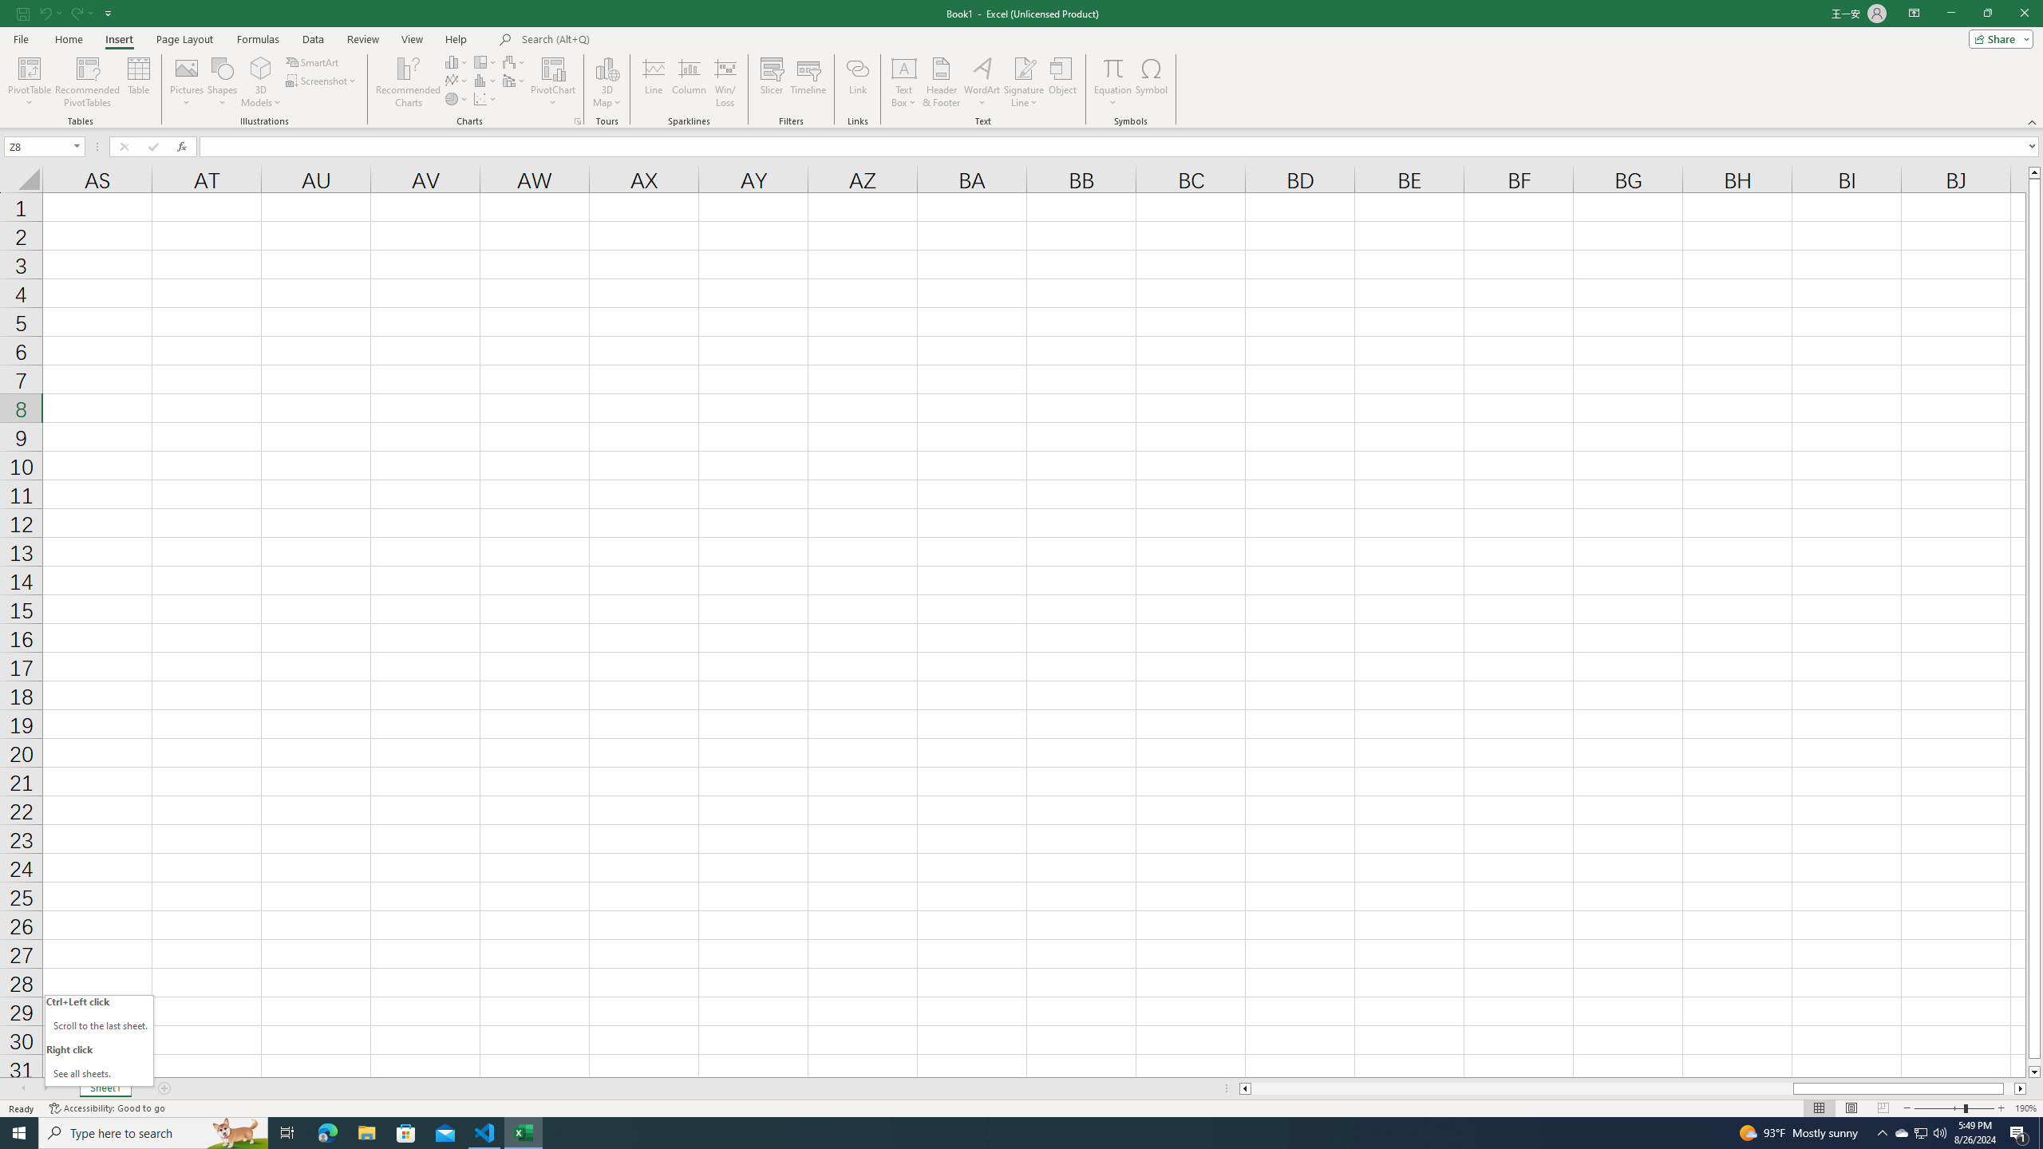 Image resolution: width=2043 pixels, height=1149 pixels. What do you see at coordinates (1024, 82) in the screenshot?
I see `'Signature Line'` at bounding box center [1024, 82].